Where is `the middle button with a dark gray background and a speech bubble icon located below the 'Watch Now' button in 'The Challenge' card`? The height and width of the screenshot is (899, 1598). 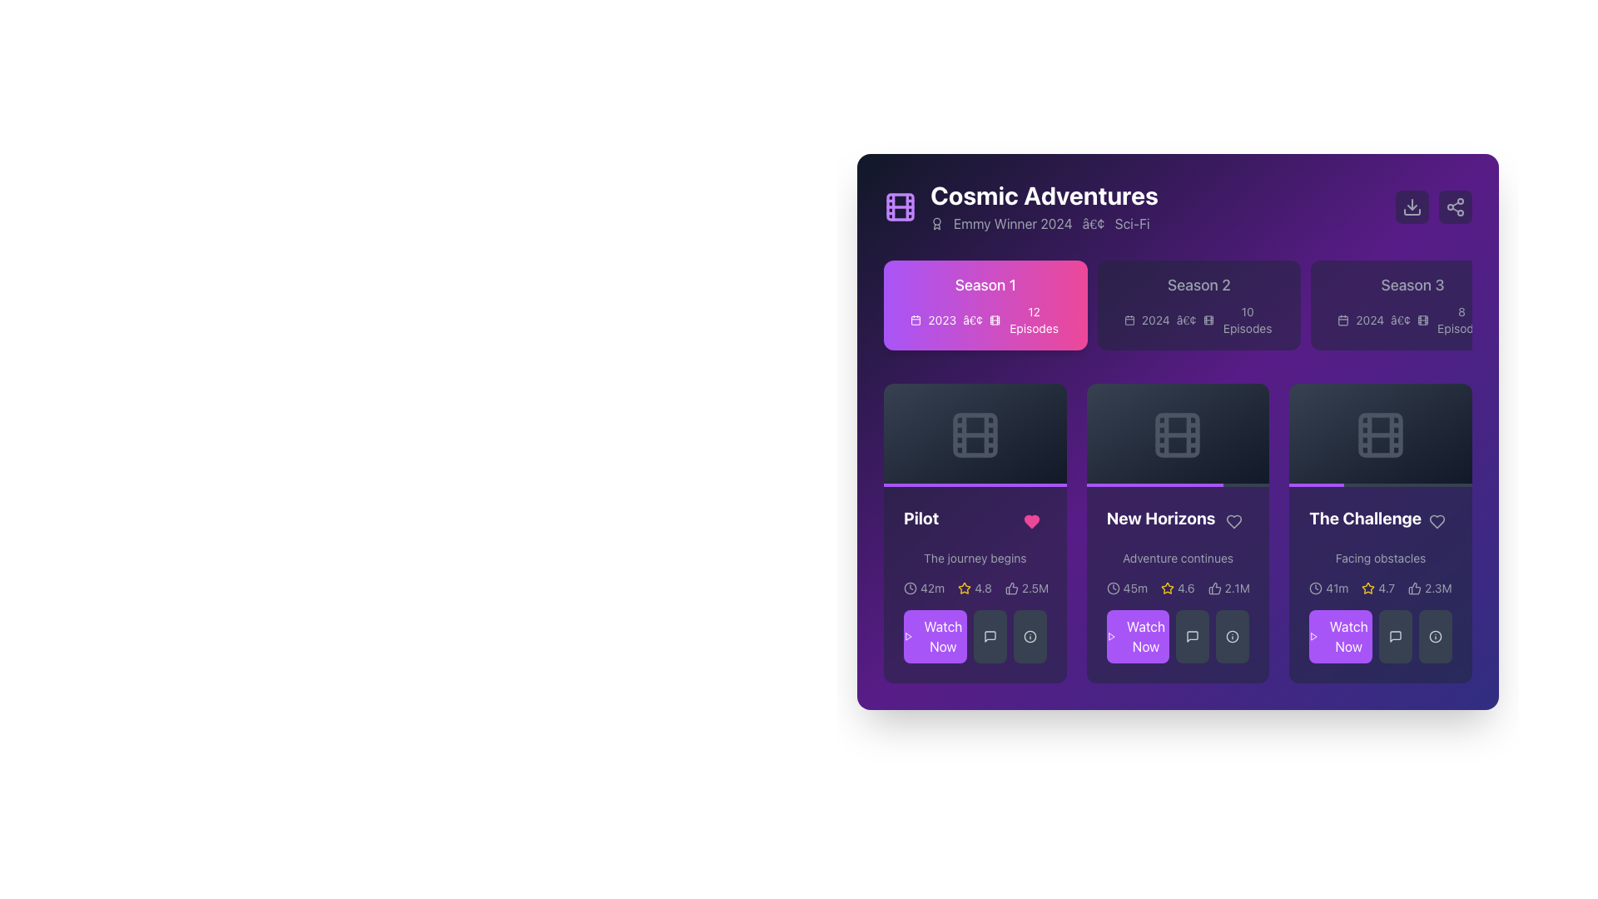 the middle button with a dark gray background and a speech bubble icon located below the 'Watch Now' button in 'The Challenge' card is located at coordinates (1395, 635).